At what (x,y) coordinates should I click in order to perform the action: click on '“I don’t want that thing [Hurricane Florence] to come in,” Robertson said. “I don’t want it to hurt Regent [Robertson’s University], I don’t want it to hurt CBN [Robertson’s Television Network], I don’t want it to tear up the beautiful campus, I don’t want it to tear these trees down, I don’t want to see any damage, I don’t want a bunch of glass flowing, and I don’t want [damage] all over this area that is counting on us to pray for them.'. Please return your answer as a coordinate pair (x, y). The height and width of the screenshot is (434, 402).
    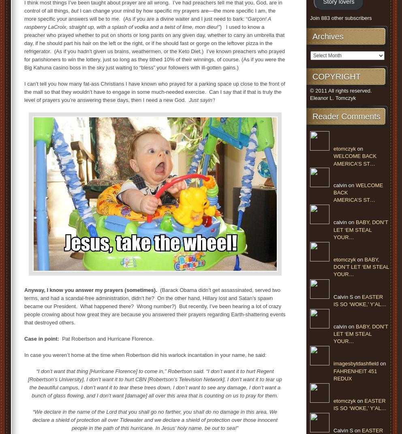
    Looking at the image, I should click on (155, 383).